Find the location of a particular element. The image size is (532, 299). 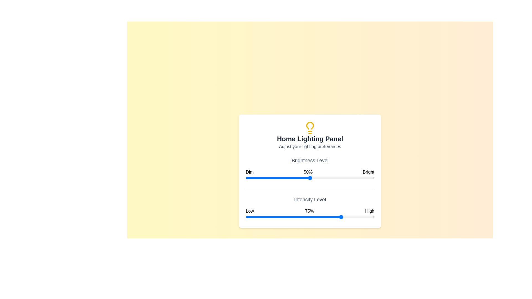

the lightbulb icon, which is centrally aligned above the 'Home Lighting Panel' and 'Adjust your lighting preferences' headings is located at coordinates (310, 128).